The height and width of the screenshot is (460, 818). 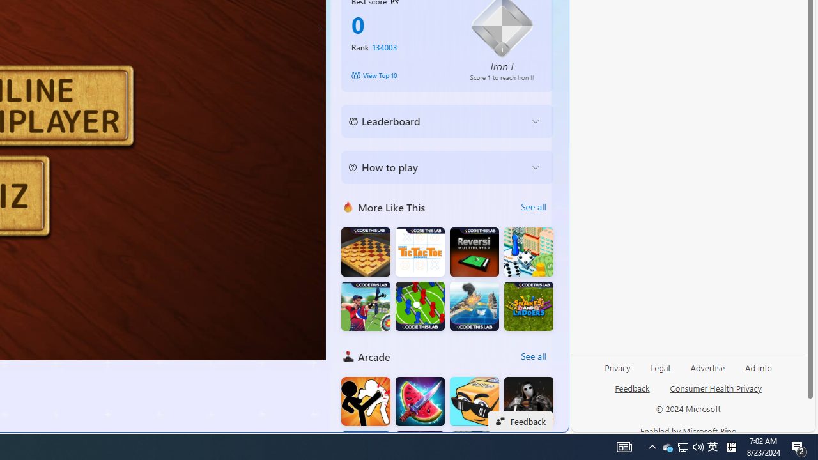 What do you see at coordinates (716, 387) in the screenshot?
I see `'Consumer Health Privacy'` at bounding box center [716, 387].